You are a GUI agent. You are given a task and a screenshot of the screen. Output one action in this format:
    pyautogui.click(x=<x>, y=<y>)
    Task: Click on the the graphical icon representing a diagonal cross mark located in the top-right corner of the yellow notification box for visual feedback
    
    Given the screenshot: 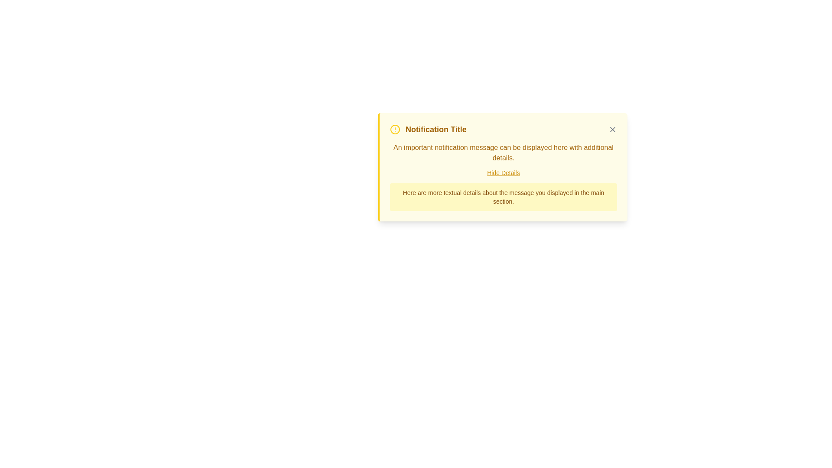 What is the action you would take?
    pyautogui.click(x=612, y=130)
    